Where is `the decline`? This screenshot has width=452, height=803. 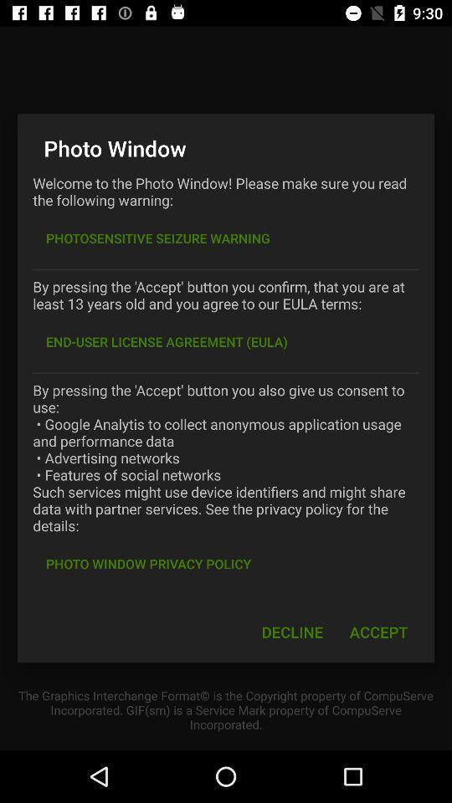
the decline is located at coordinates (291, 631).